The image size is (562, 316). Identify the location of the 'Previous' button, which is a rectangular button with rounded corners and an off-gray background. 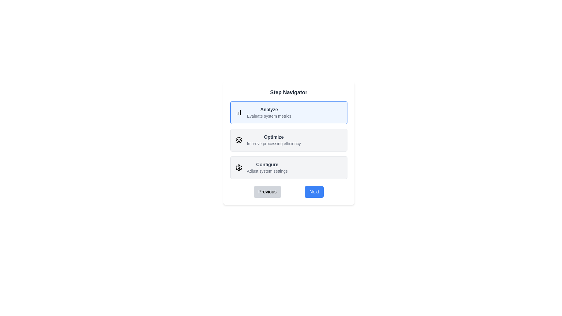
(267, 192).